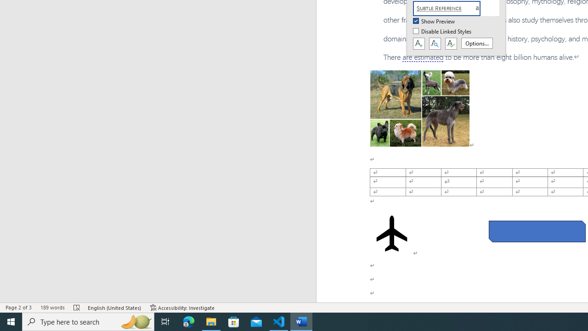 This screenshot has height=331, width=588. I want to click on 'Airplane with solid fill', so click(392, 233).